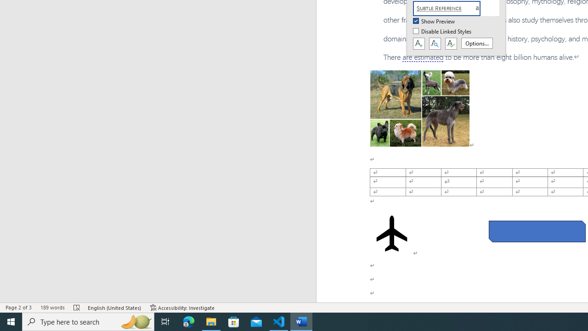 This screenshot has height=331, width=588. I want to click on 'Airplane with solid fill', so click(392, 233).